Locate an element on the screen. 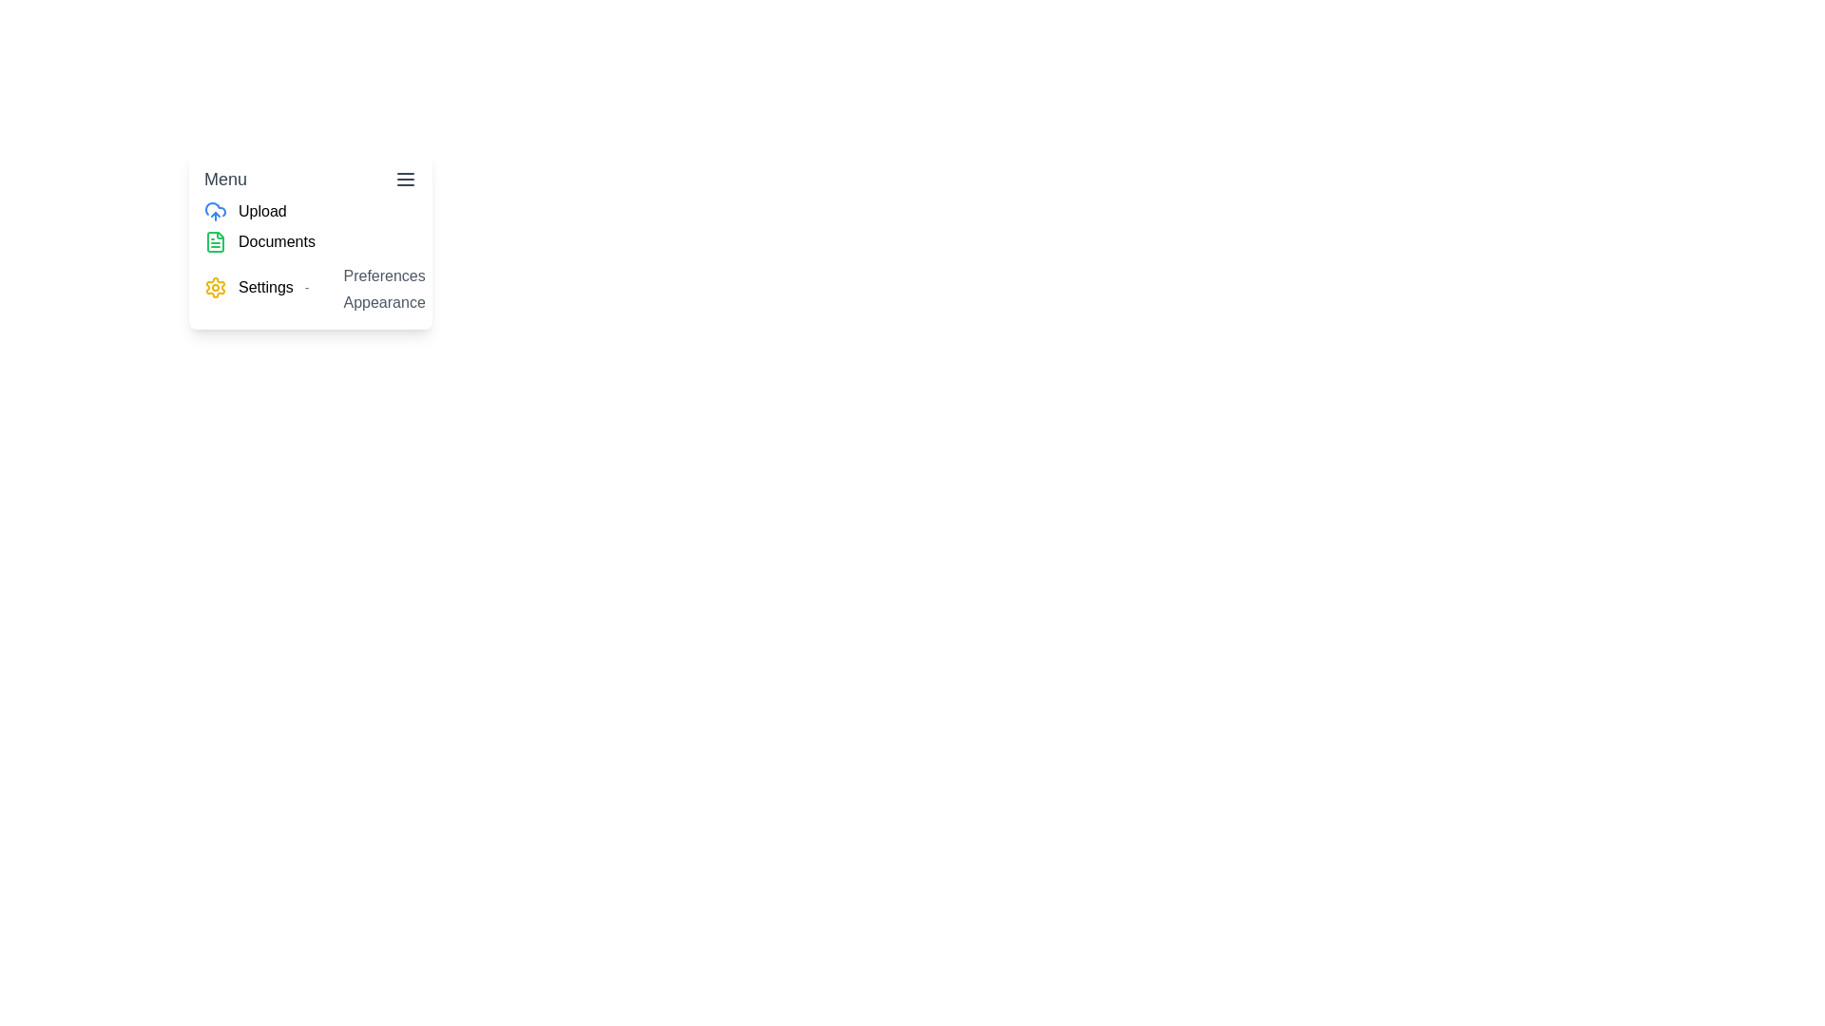  the 'Settings' icon located in the top-left quadrant of the interface, which visually represents the concept of 'Settings' and is positioned directly to the left of the 'Settings' text is located at coordinates (215, 288).